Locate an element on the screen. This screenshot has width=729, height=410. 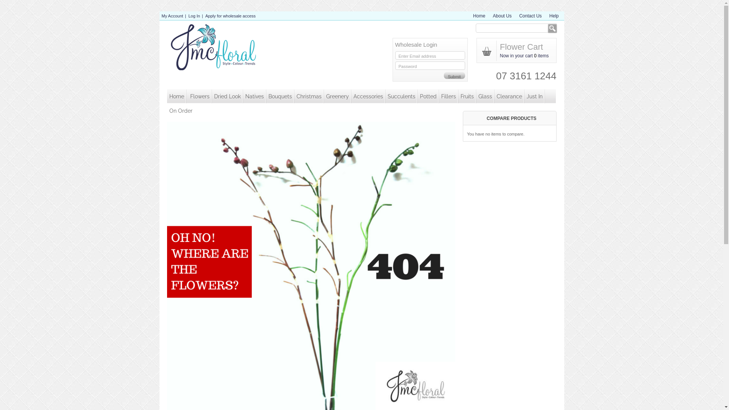
'Succulents' is located at coordinates (385, 96).